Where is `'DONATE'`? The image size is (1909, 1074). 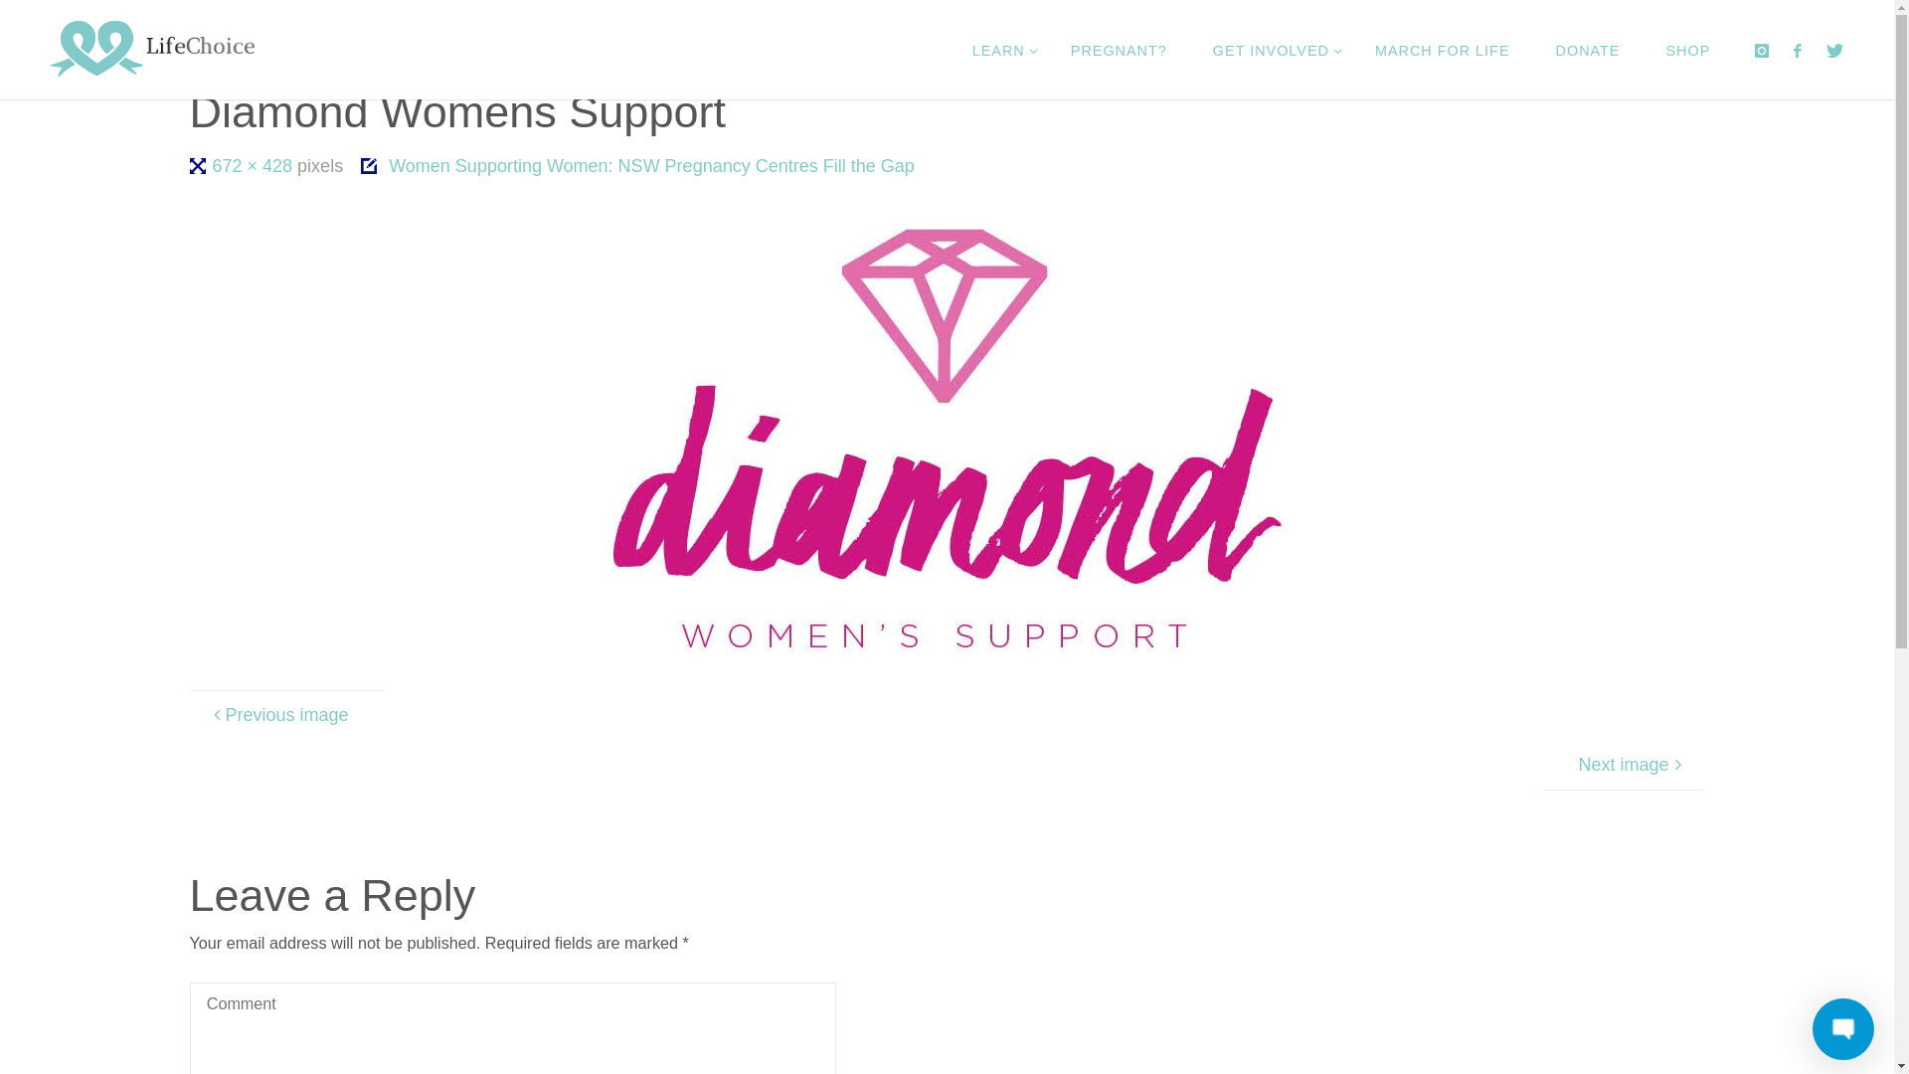
'DONATE' is located at coordinates (1587, 49).